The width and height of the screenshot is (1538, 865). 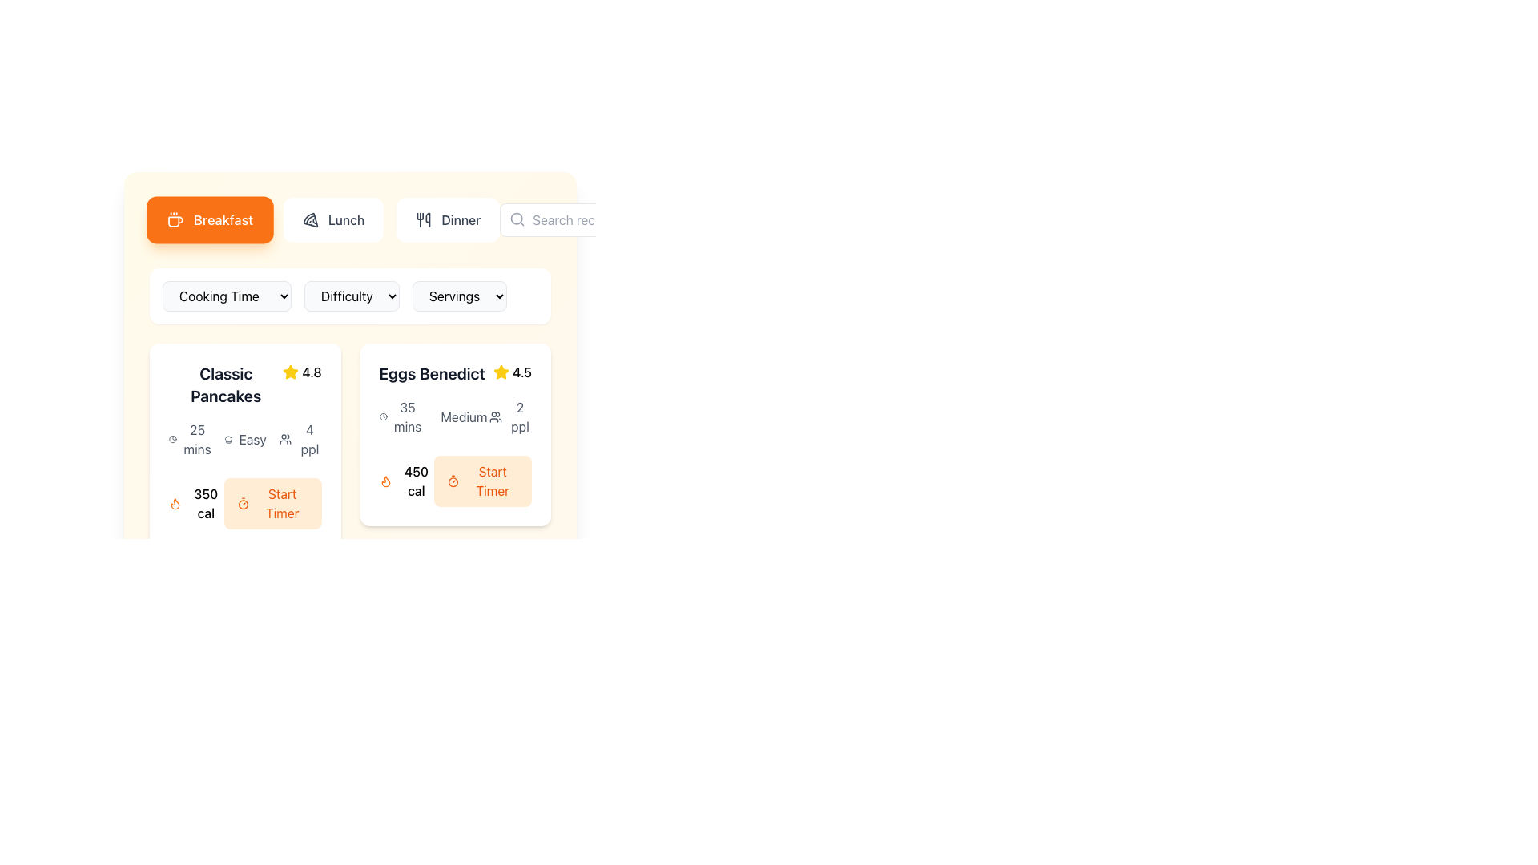 What do you see at coordinates (173, 439) in the screenshot?
I see `the time indicator icon for the 'Classic Pancakes' recipe, which is associated with a 25-minute cooking time, located in the metadata section adjacent to '25 mins'` at bounding box center [173, 439].